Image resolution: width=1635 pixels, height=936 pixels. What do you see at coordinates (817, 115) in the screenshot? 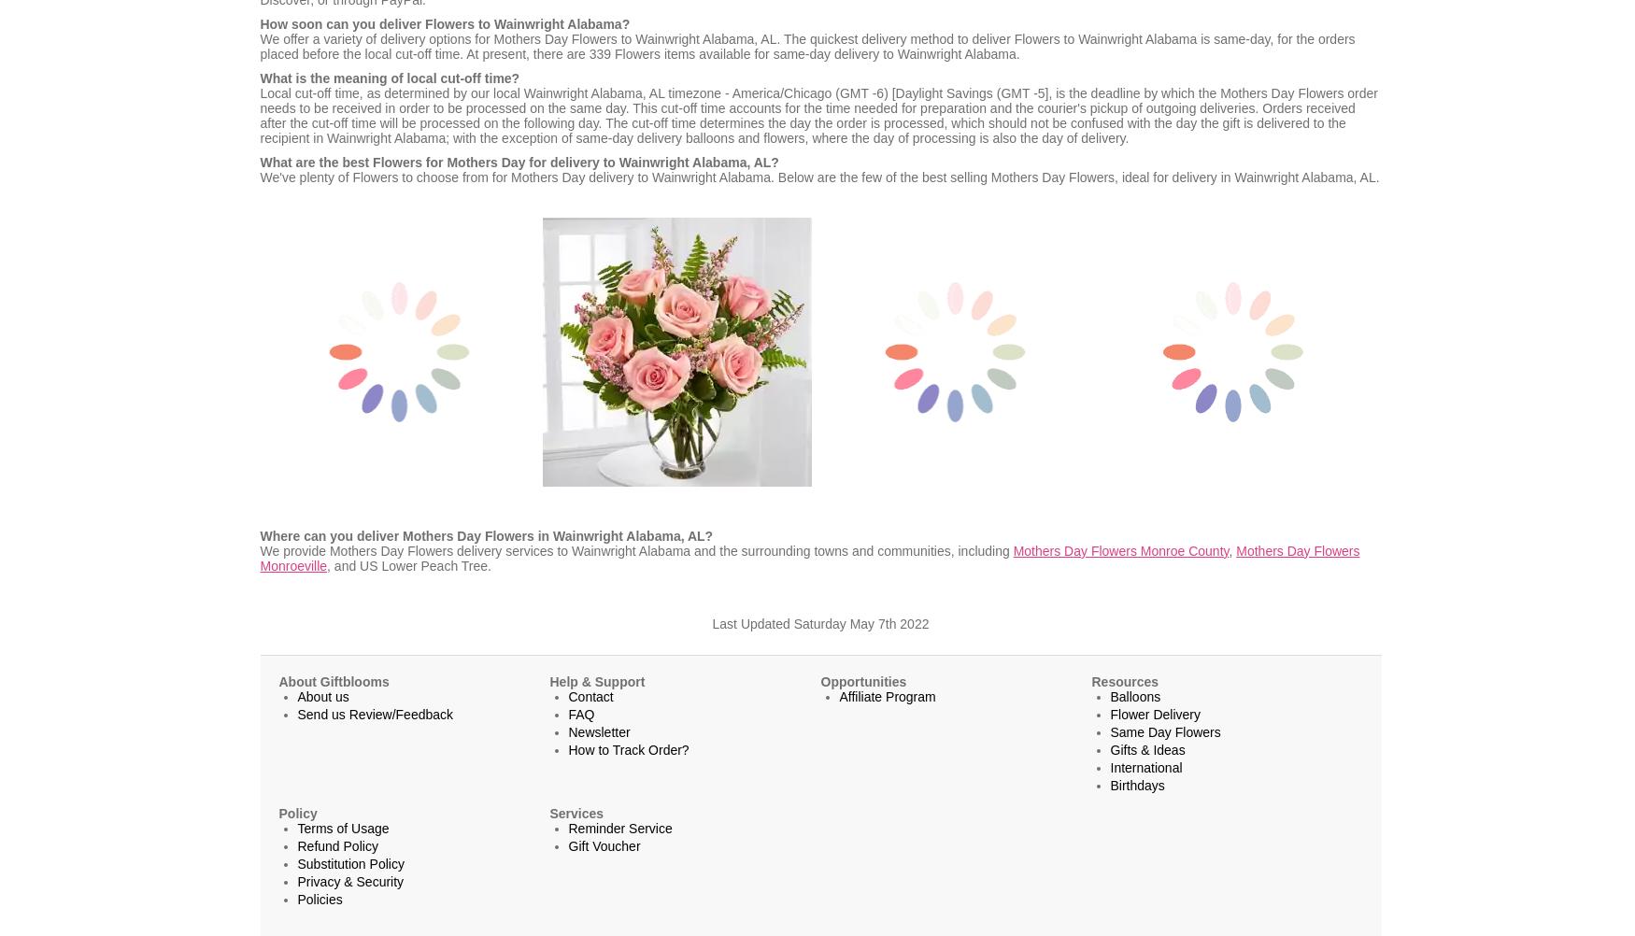
I see `'Local cut-off time, as determined by our local Wainwright Alabama, AL timezone - America/Chicago (GMT -6) [Daylight Savings (GMT -5], is the deadline by which the Mothers Day Flowers order needs to be received in order to be processed on the same day. This cut-off time accounts for the time needed for preparation and the courier's pickup of outgoing deliveries. Orders received after the cut-off time will be processed on the following day. The cut-off time determines the day the order is processed, which should not be confused with the day the gift is delivered to the recipient in Wainwright Alabama; with the exception of same-day delivery balloons and flowers, where the day of processing is also the day of delivery.'` at bounding box center [817, 115].